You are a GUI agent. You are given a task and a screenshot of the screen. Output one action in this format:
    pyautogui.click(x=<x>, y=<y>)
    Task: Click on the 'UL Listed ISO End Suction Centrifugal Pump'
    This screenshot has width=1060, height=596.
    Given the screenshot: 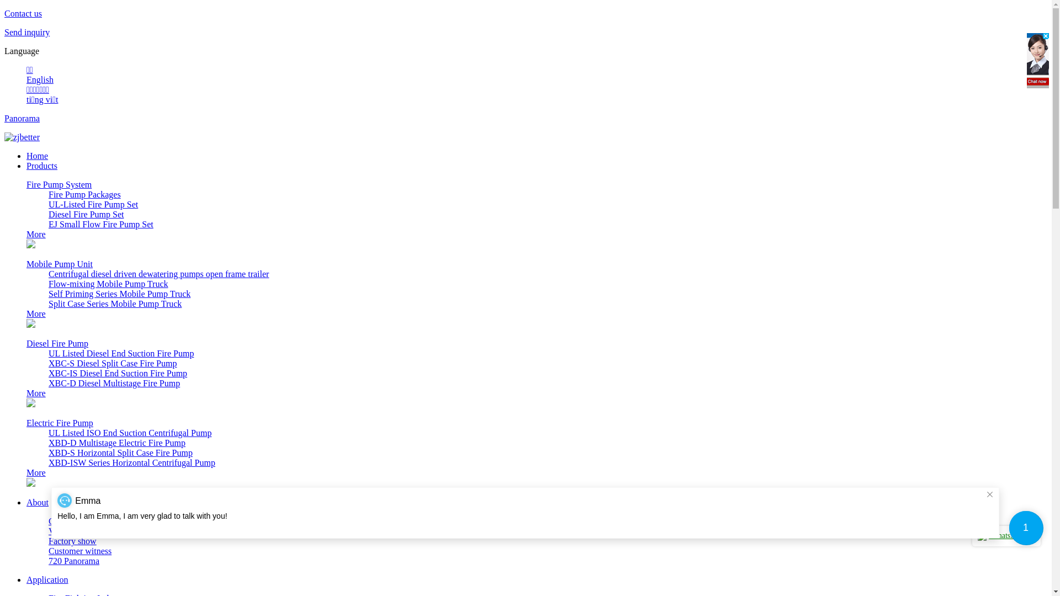 What is the action you would take?
    pyautogui.click(x=130, y=432)
    